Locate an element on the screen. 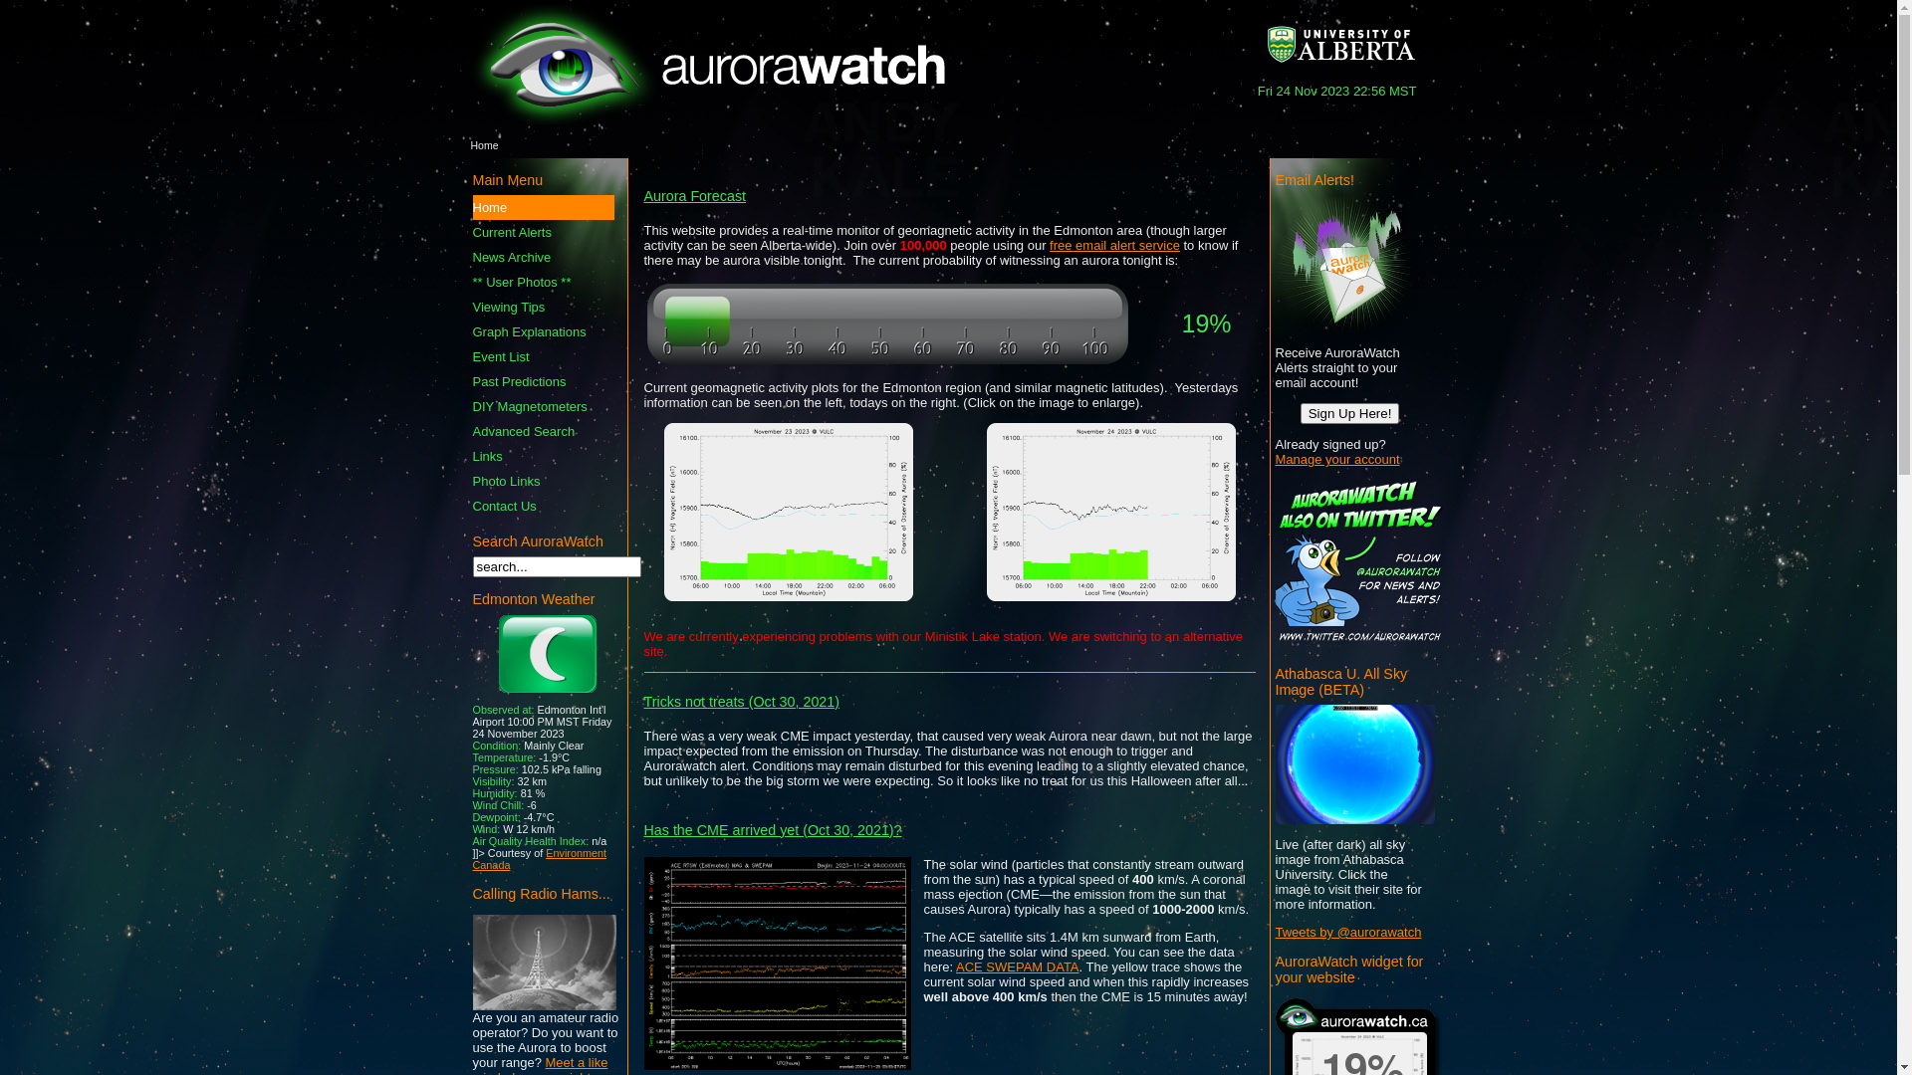 This screenshot has height=1075, width=1912. 'News Archive' is located at coordinates (543, 256).